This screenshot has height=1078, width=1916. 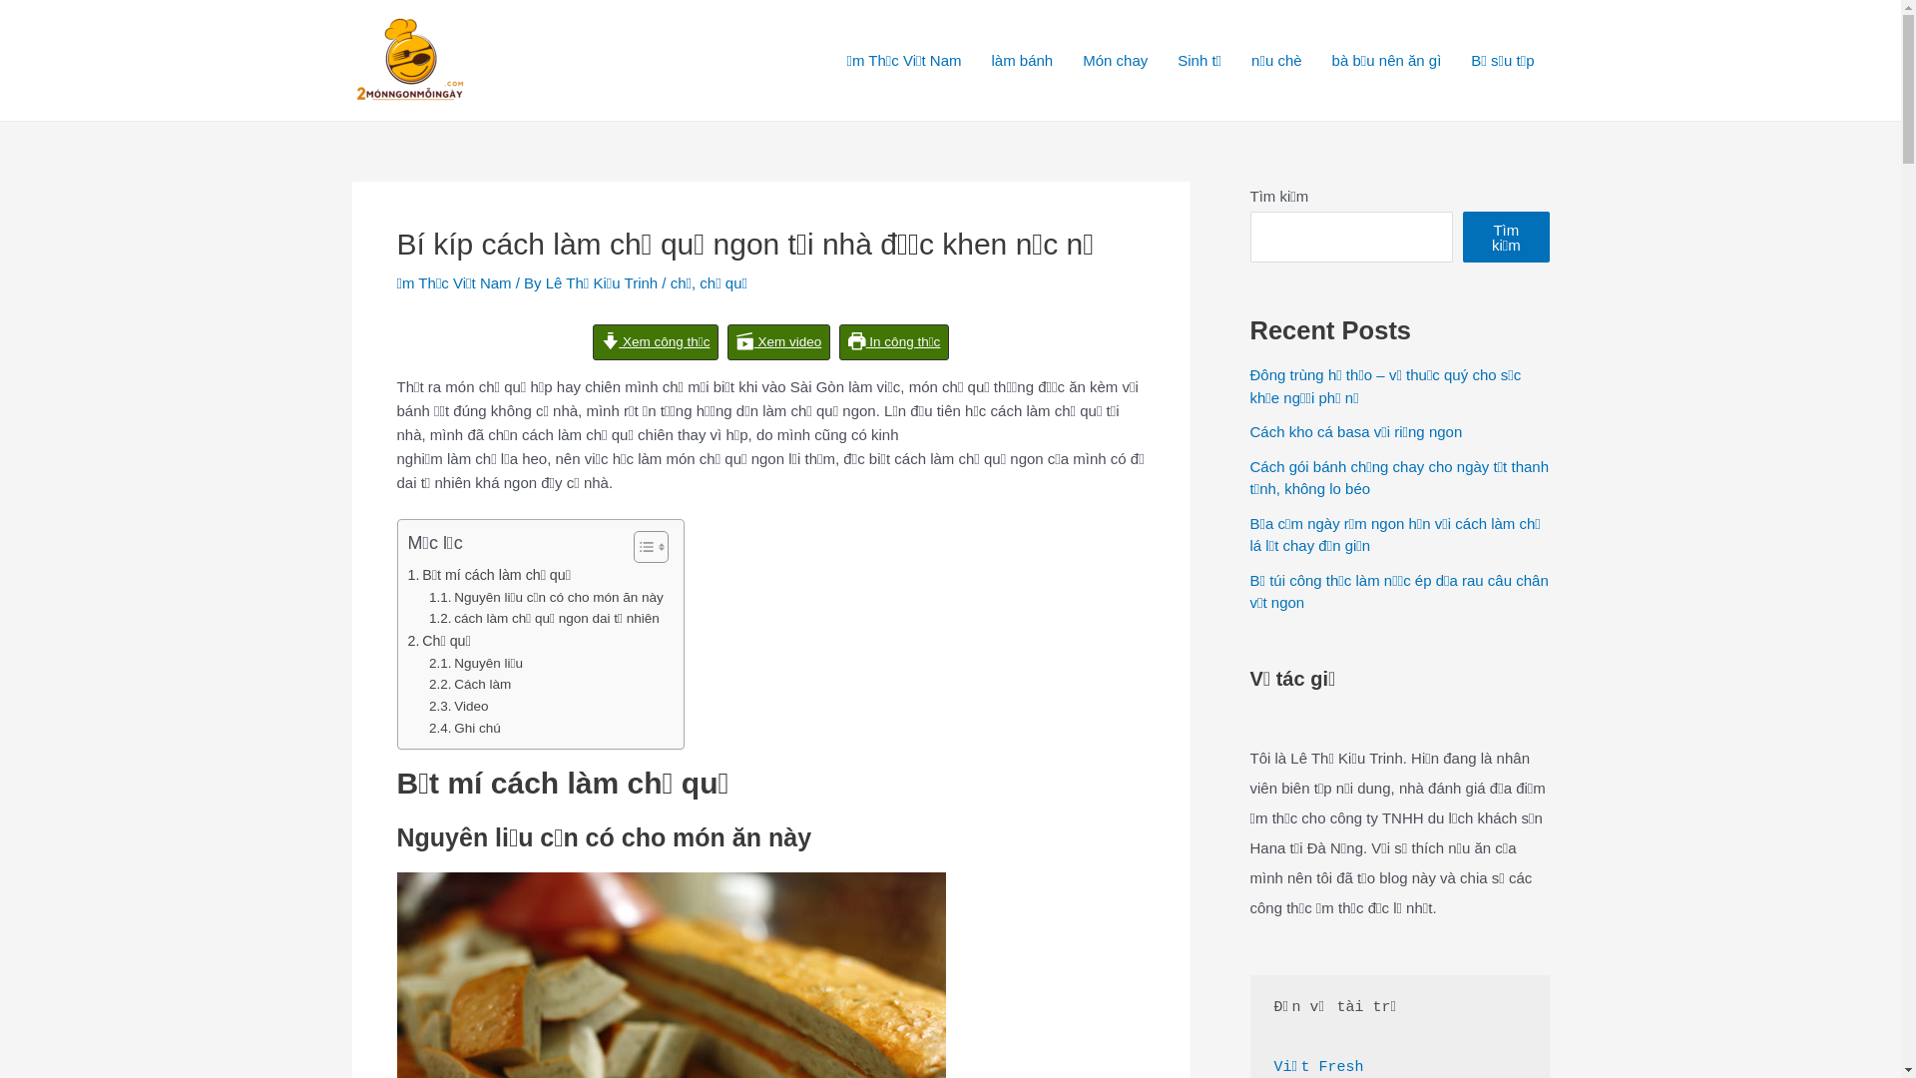 What do you see at coordinates (458, 706) in the screenshot?
I see `'Video'` at bounding box center [458, 706].